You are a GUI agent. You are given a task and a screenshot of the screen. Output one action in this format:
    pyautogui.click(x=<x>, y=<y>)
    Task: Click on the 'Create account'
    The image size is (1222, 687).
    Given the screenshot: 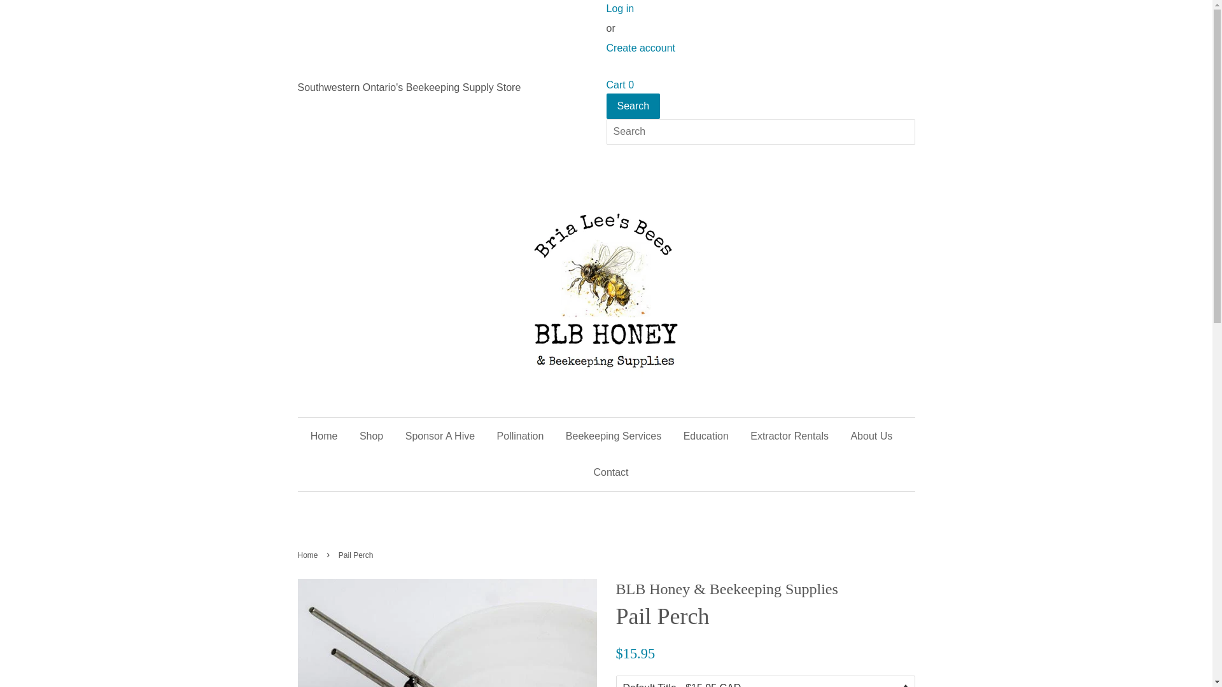 What is the action you would take?
    pyautogui.click(x=640, y=47)
    